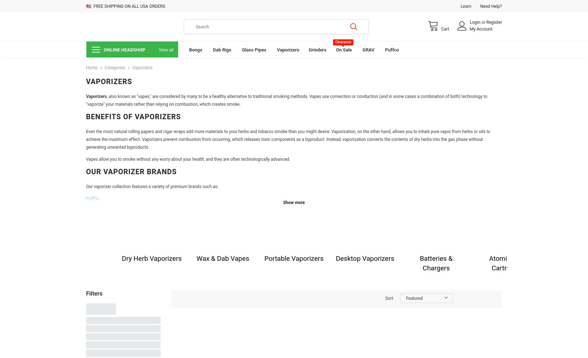  Describe the element at coordinates (133, 116) in the screenshot. I see `'Benefits of Vaporizers'` at that location.